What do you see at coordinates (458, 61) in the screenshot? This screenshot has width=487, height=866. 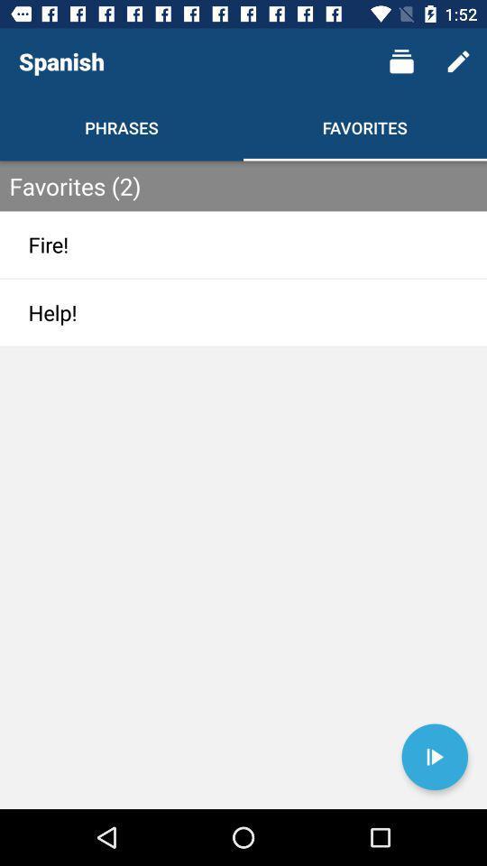 I see `the item above favorites (2) icon` at bounding box center [458, 61].